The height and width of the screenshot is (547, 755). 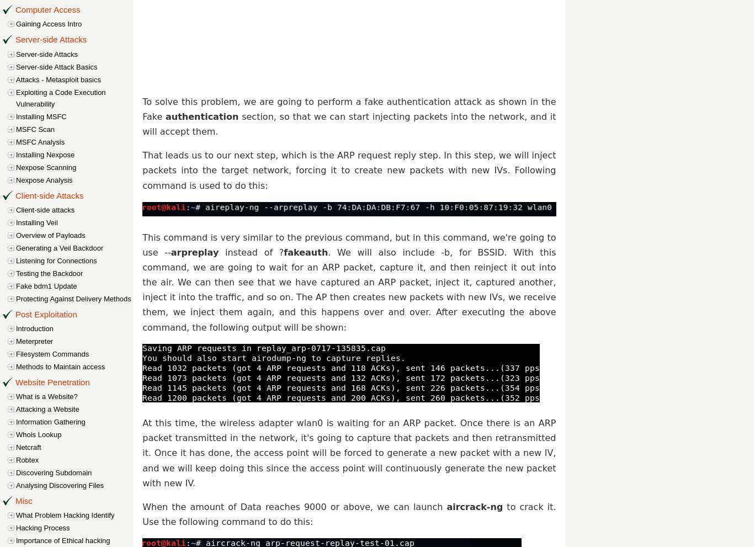 What do you see at coordinates (446, 506) in the screenshot?
I see `'aircrack-ng'` at bounding box center [446, 506].